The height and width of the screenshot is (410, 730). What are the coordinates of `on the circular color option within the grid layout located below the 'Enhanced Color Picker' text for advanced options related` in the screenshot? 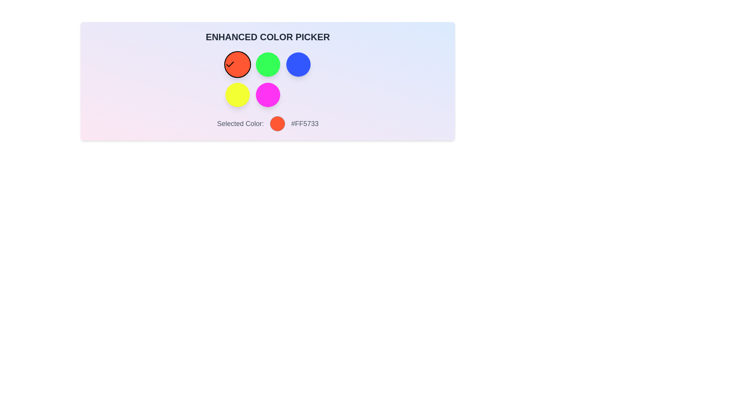 It's located at (268, 79).